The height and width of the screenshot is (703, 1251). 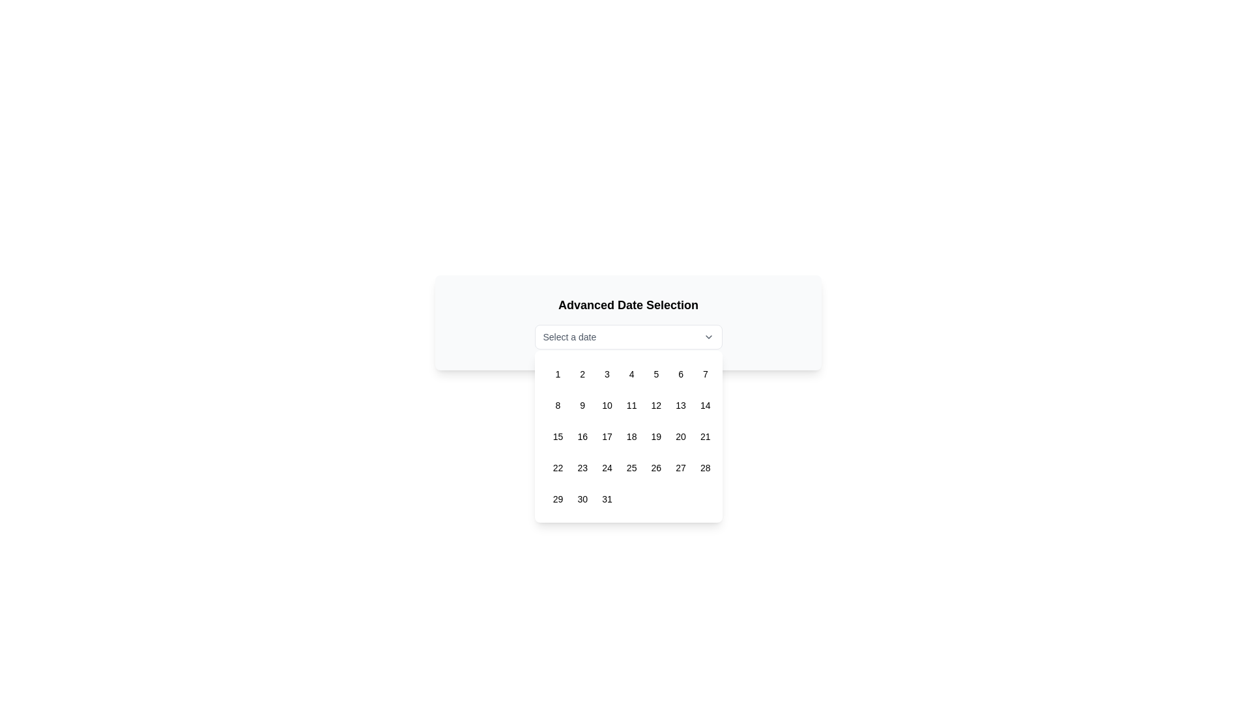 What do you see at coordinates (628, 437) in the screenshot?
I see `the individual day cell of the grid-style calendar component located beneath the 'Select a date' dropdown button` at bounding box center [628, 437].